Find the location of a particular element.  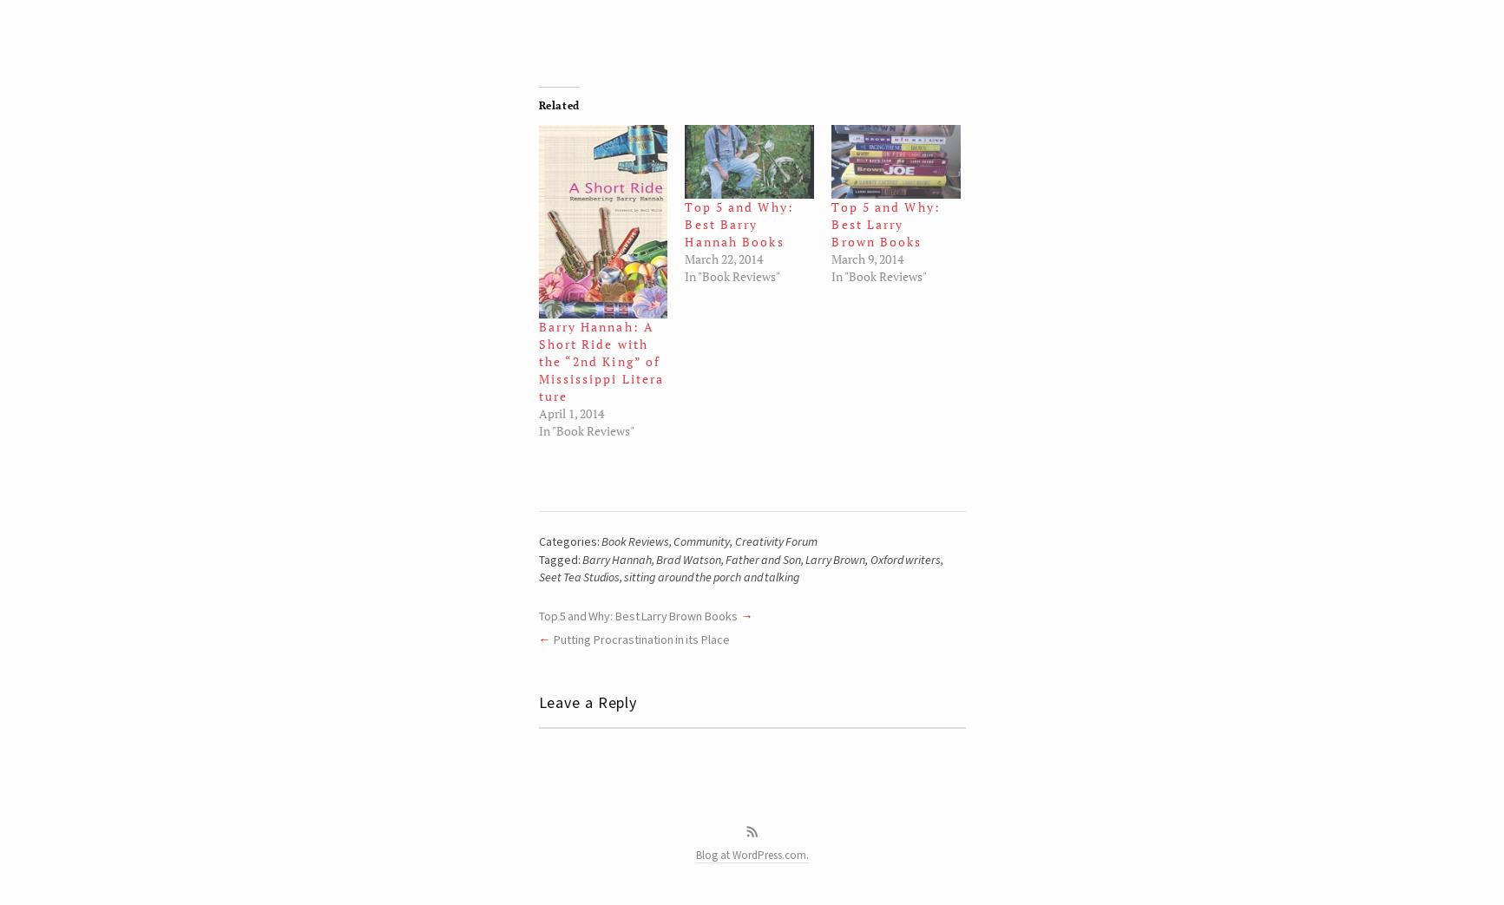

'Creativity Forum' is located at coordinates (734, 541).